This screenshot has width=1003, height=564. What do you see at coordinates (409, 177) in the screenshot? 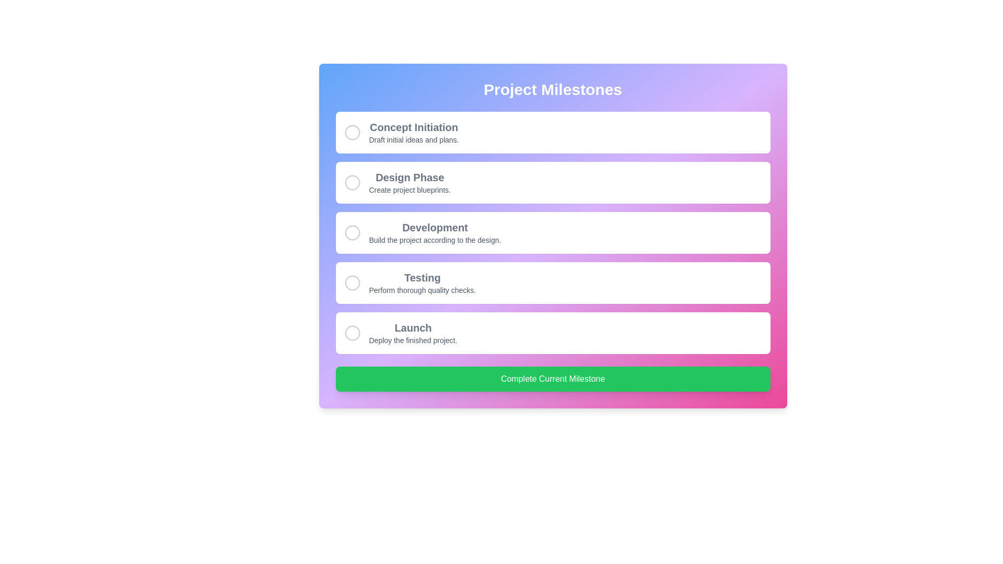
I see `text of the title label for the second milestone in the project design phase, located between 'Concept Initiation' and 'Development' milestones` at bounding box center [409, 177].